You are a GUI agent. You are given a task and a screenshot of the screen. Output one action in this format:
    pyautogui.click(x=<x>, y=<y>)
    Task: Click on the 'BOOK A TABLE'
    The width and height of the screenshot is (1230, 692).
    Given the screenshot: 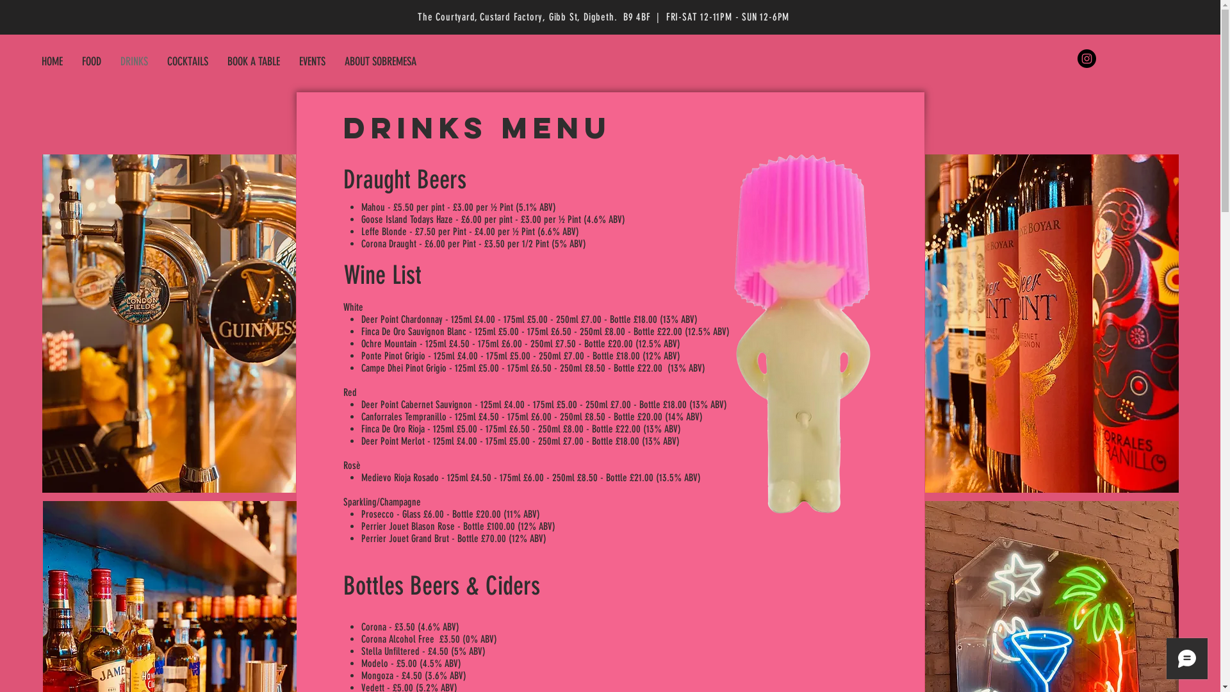 What is the action you would take?
    pyautogui.click(x=253, y=62)
    